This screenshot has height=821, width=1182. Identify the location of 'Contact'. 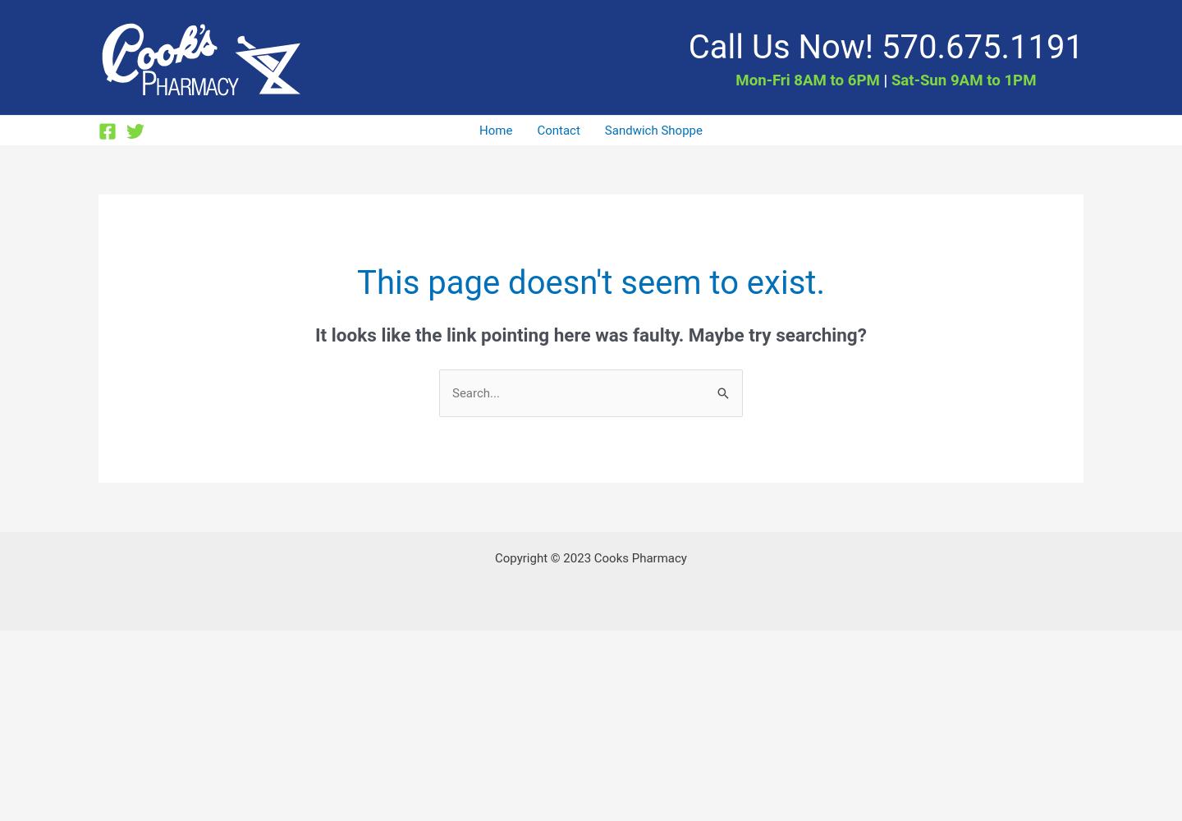
(557, 131).